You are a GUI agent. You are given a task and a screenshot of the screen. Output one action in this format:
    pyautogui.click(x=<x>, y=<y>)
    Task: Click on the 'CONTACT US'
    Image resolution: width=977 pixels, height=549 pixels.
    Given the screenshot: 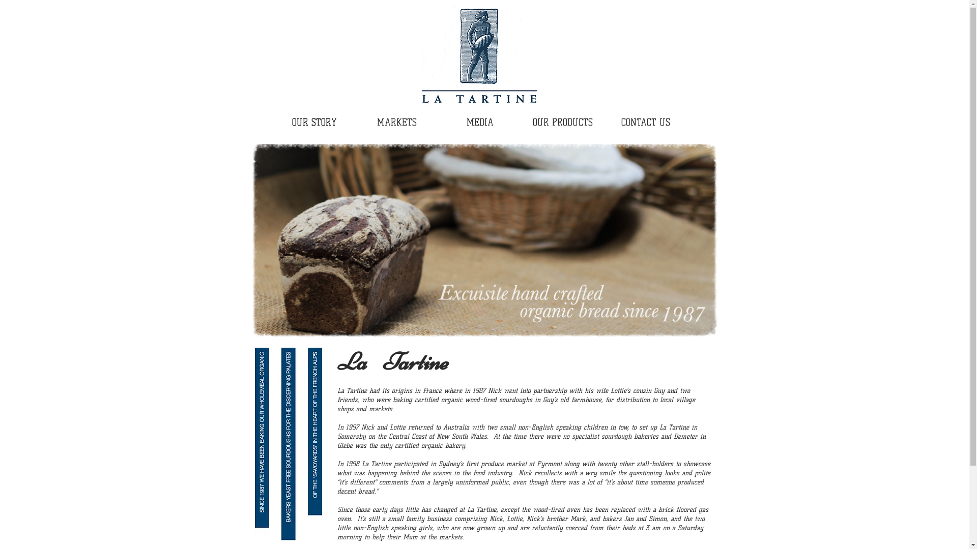 What is the action you would take?
    pyautogui.click(x=645, y=122)
    